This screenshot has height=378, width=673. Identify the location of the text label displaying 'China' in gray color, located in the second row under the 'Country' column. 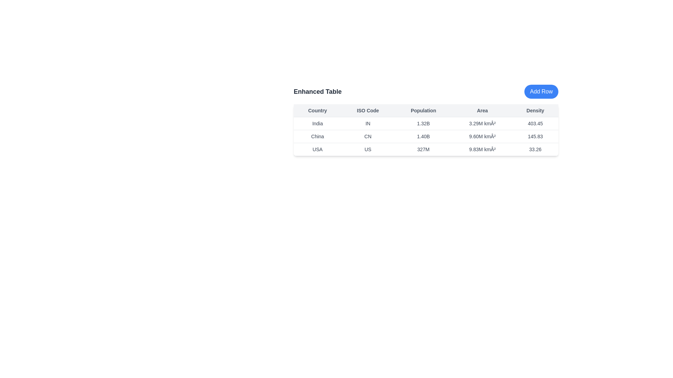
(317, 136).